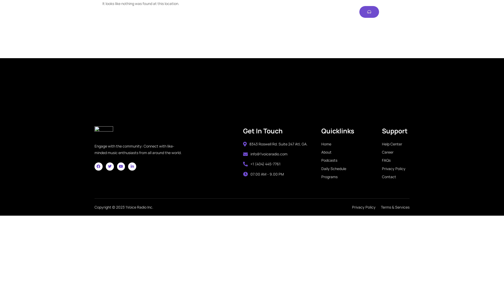 The width and height of the screenshot is (504, 283). I want to click on '+1 (404) 445-7761', so click(243, 164).